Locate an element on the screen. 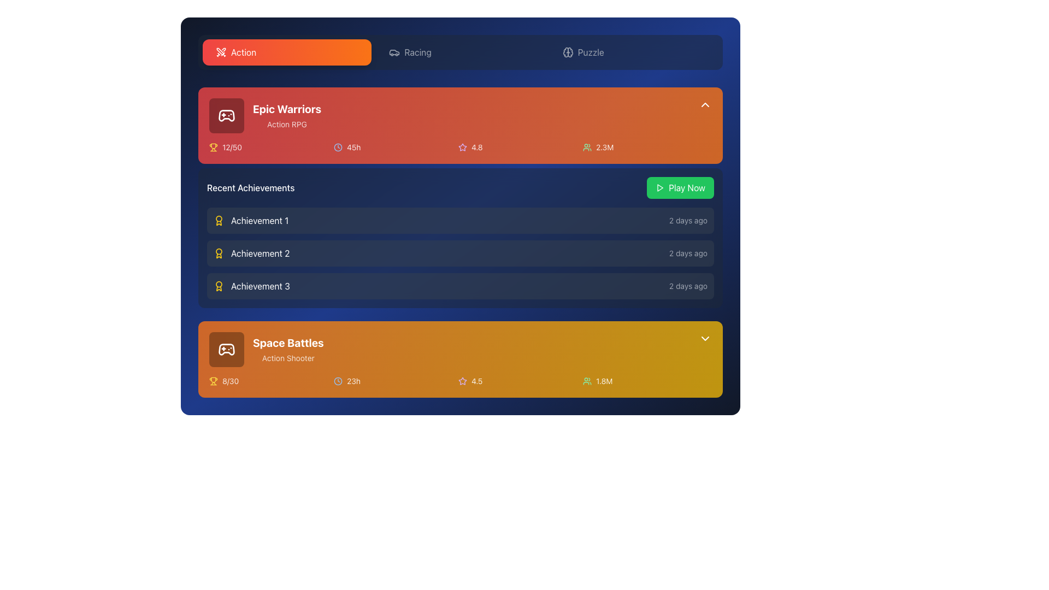 The width and height of the screenshot is (1049, 590). the decorative circle within the SVG award icon located to the left of the '12/50' text under the 'Epic Warriors' section is located at coordinates (219, 251).